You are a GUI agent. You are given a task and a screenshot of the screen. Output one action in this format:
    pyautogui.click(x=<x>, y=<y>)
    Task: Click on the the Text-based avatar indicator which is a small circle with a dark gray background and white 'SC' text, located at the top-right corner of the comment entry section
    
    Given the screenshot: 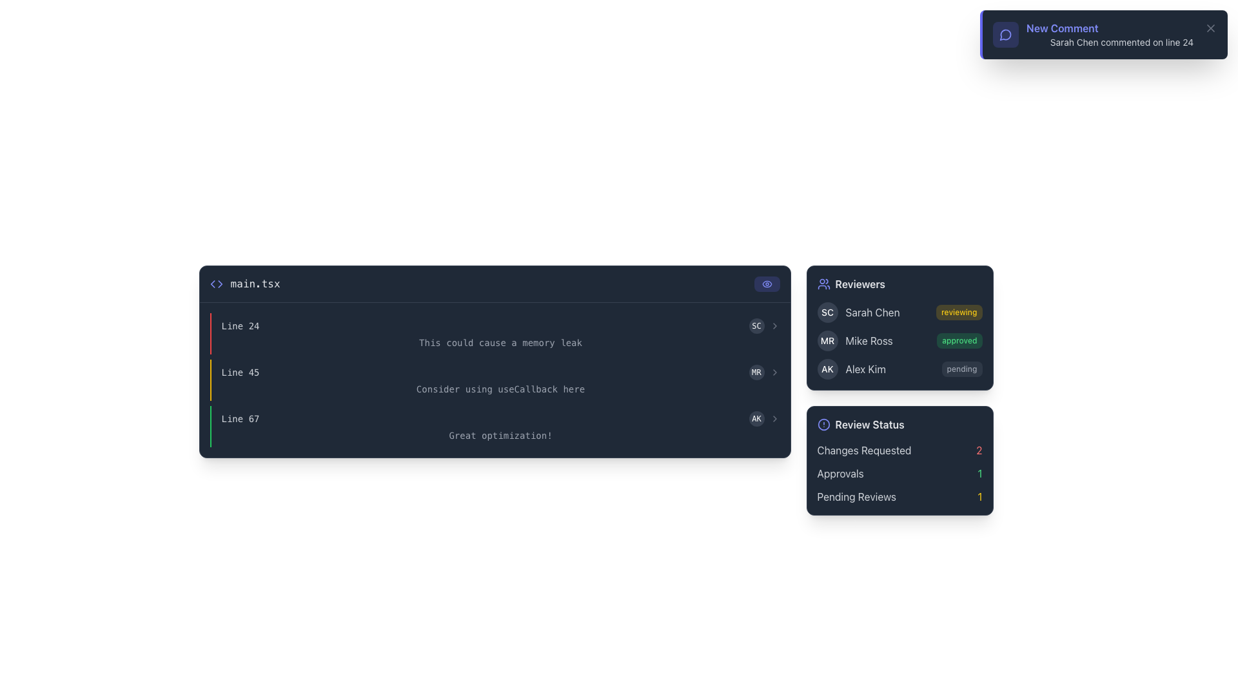 What is the action you would take?
    pyautogui.click(x=756, y=325)
    